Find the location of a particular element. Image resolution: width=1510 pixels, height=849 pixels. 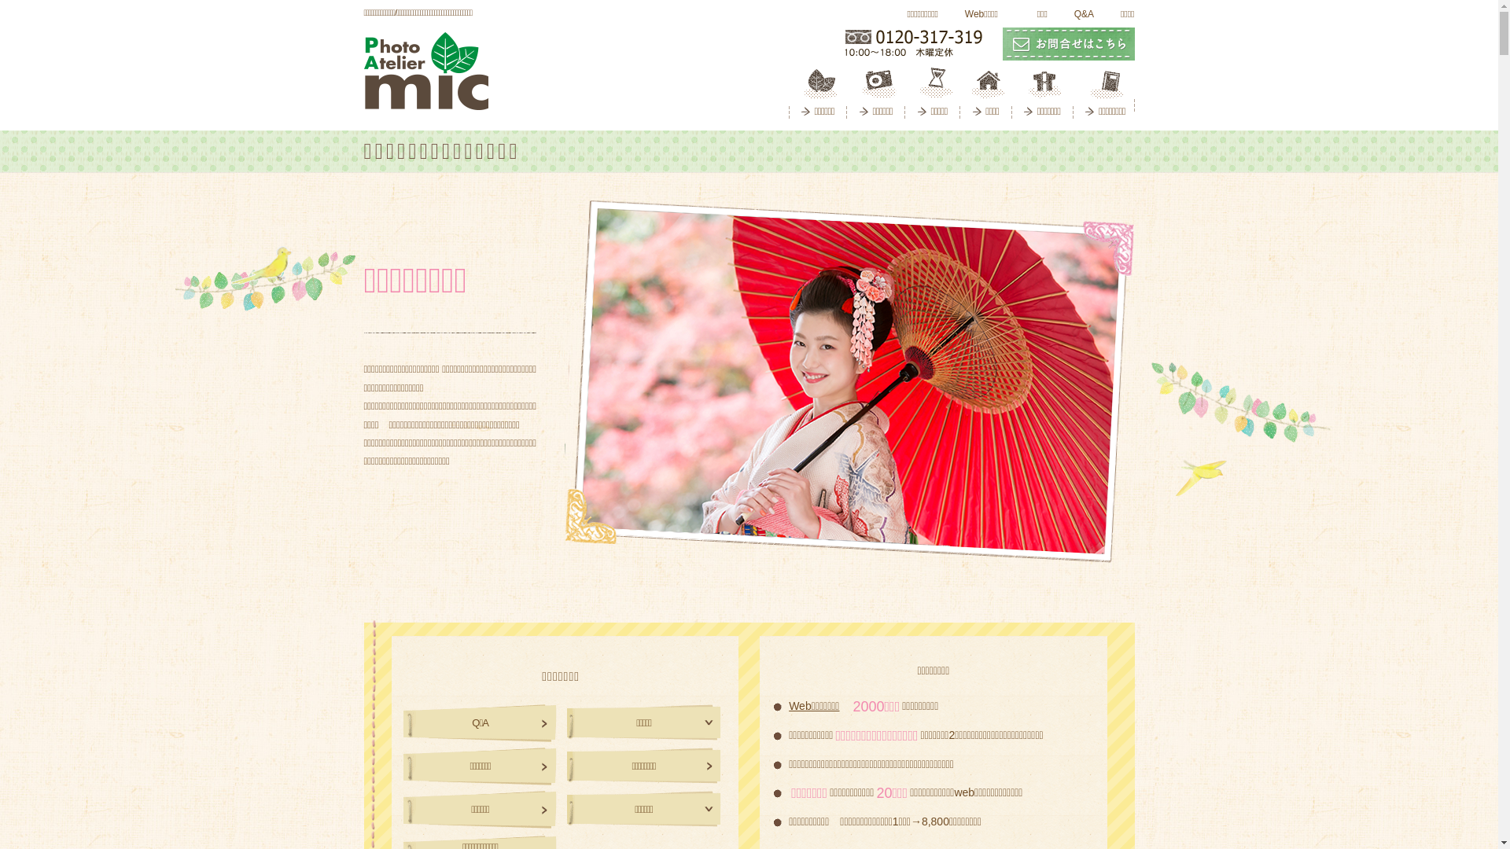

'Q&A' is located at coordinates (1079, 14).